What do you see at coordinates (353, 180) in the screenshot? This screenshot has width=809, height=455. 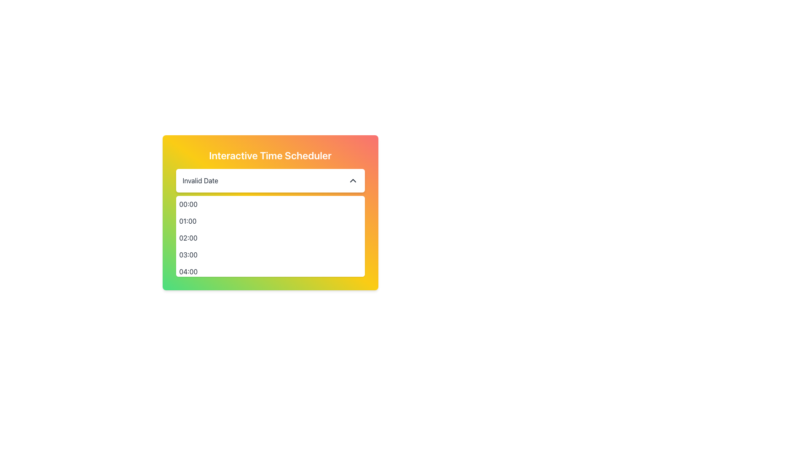 I see `the downward-pointing chevron icon located to the right of the 'Invalid Date' text within the colorful interface` at bounding box center [353, 180].